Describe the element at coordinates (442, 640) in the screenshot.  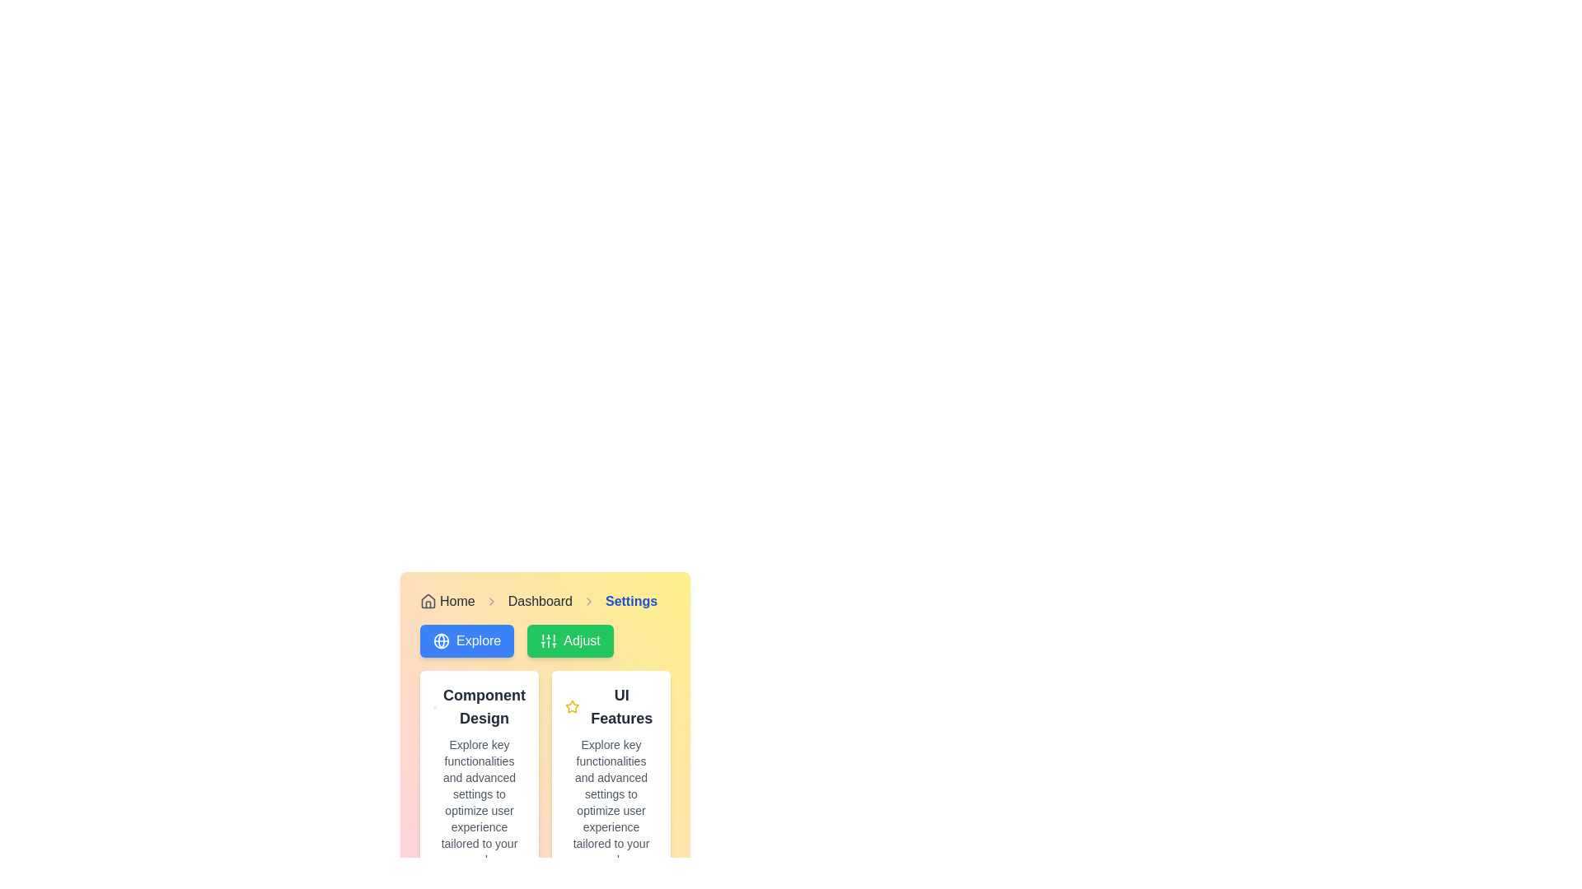
I see `the globe icon within the blue 'Explore' button located on the left side of the top bar` at that location.